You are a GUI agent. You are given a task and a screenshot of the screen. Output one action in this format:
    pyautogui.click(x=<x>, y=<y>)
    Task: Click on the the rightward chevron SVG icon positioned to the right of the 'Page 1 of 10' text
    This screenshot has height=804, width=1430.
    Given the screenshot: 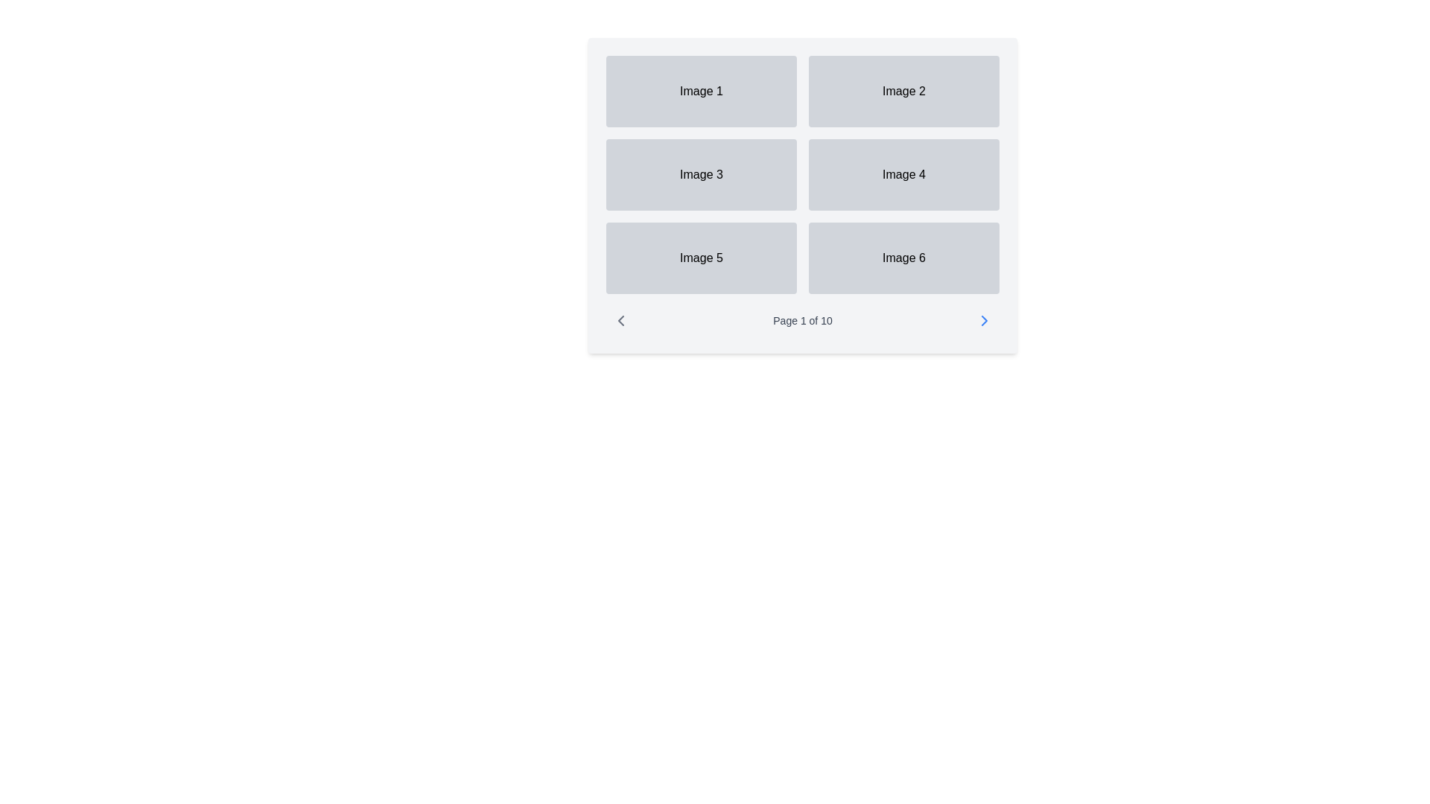 What is the action you would take?
    pyautogui.click(x=984, y=320)
    